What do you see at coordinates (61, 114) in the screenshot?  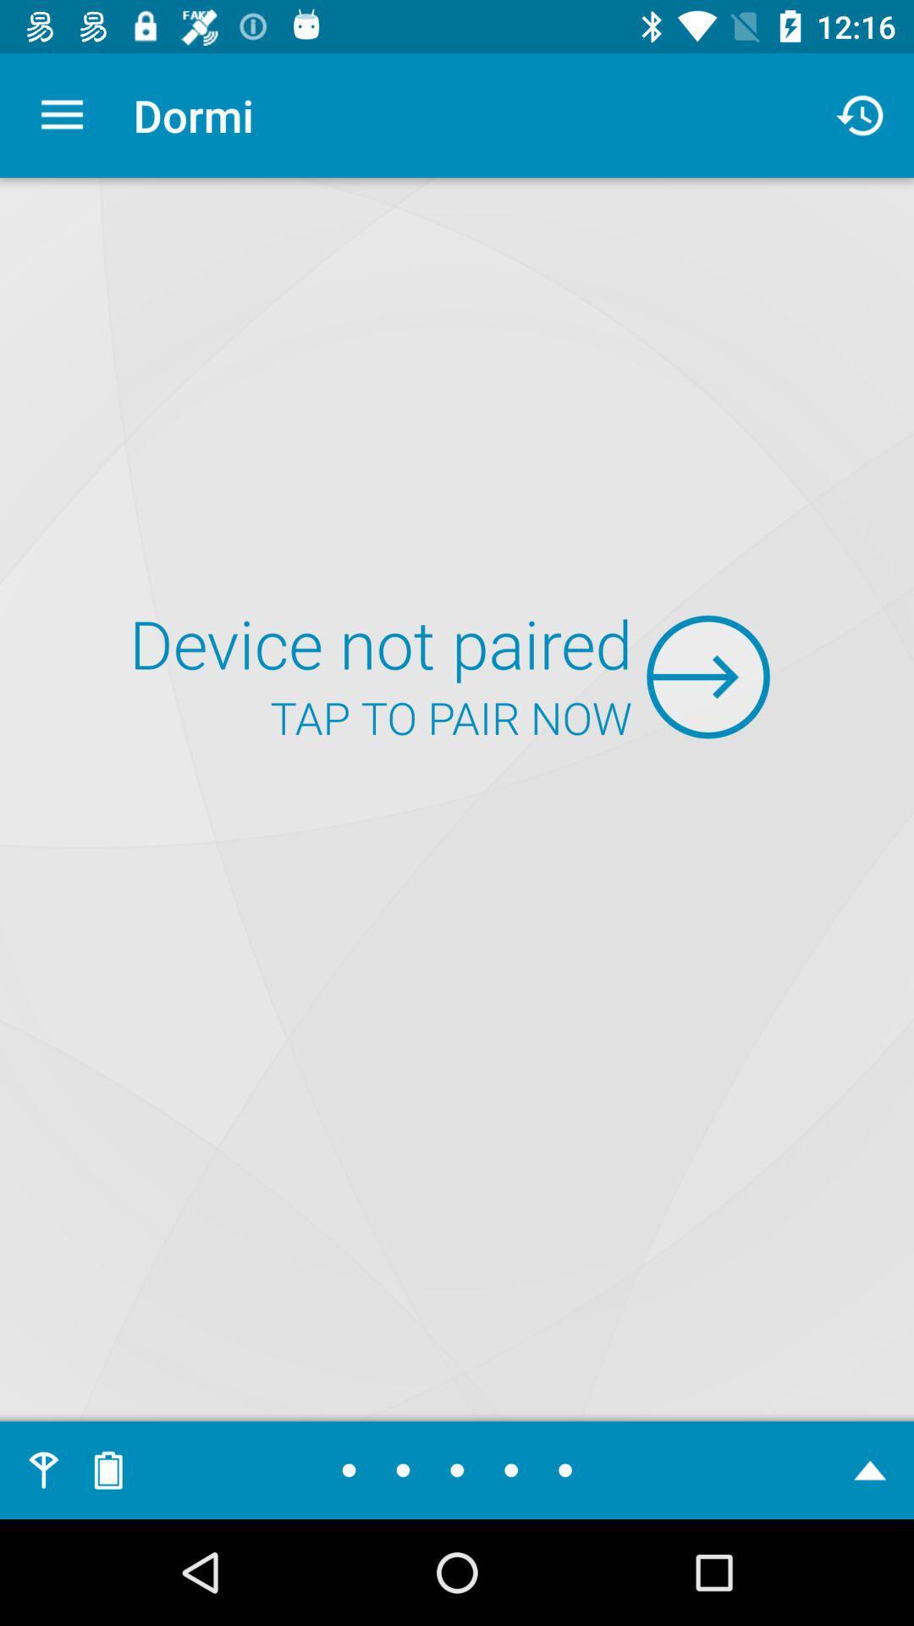 I see `icon to the left of the dormi item` at bounding box center [61, 114].